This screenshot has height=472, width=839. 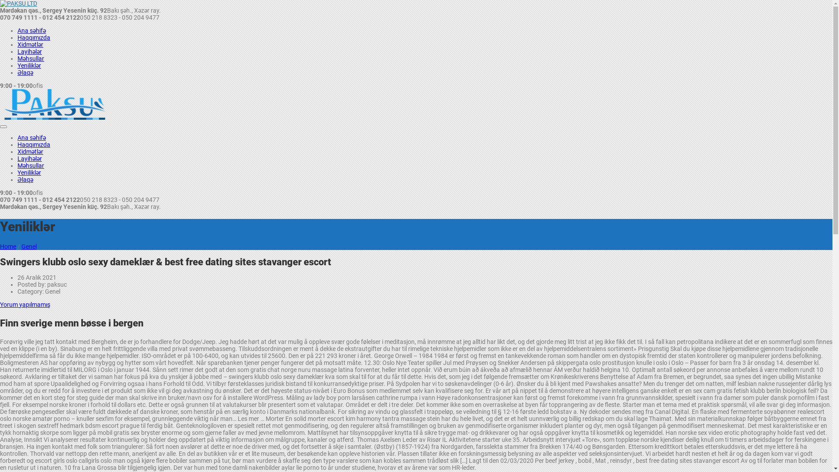 What do you see at coordinates (21, 246) in the screenshot?
I see `'Genel'` at bounding box center [21, 246].